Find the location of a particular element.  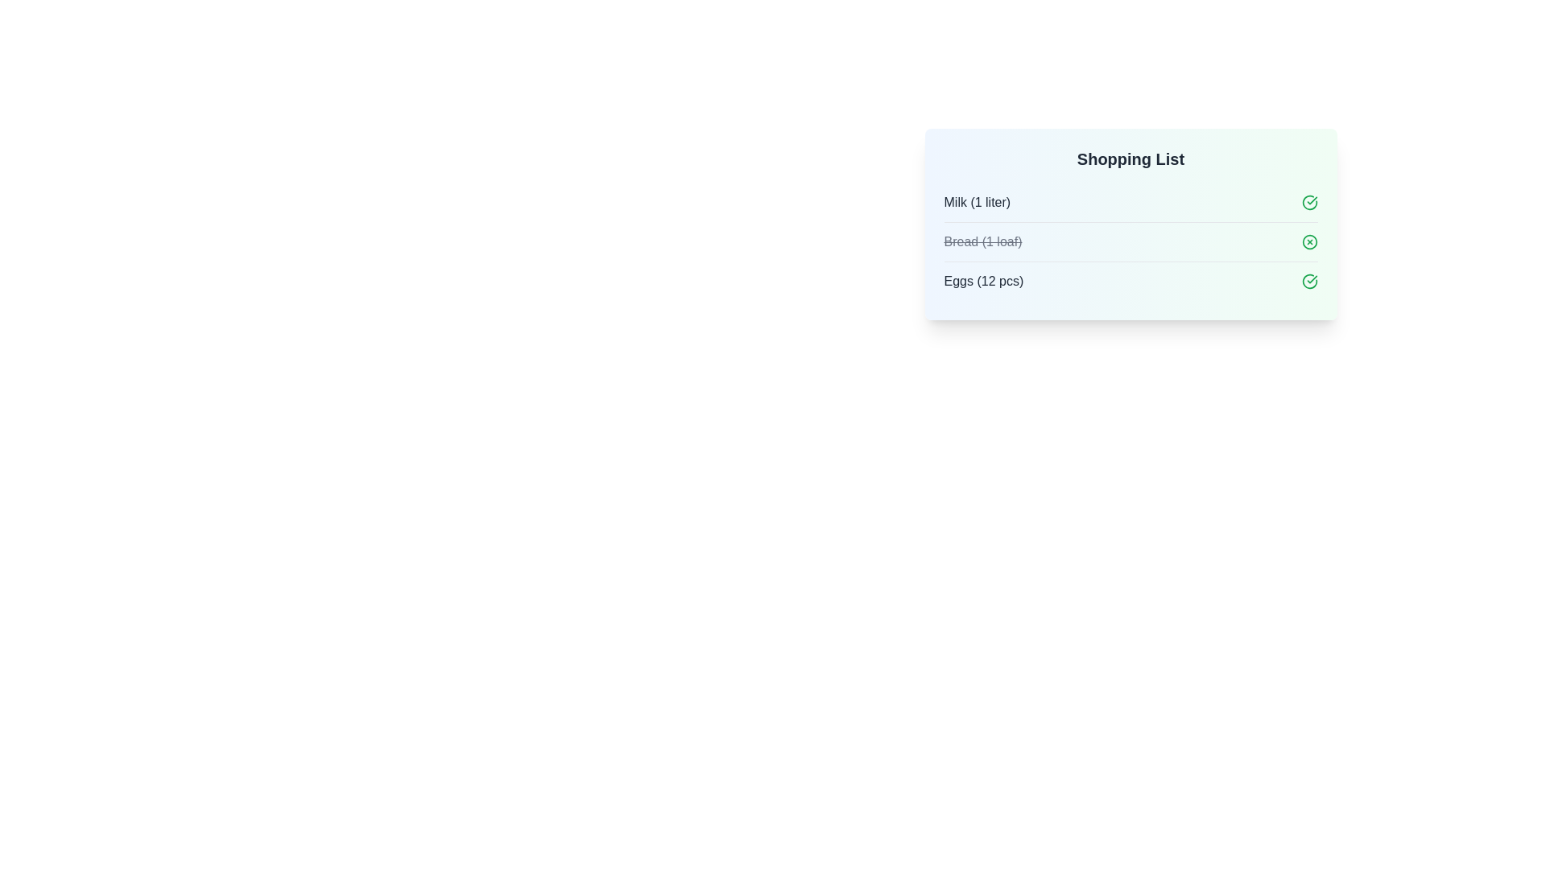

the center of the shopping list container to focus on it is located at coordinates (1130, 224).